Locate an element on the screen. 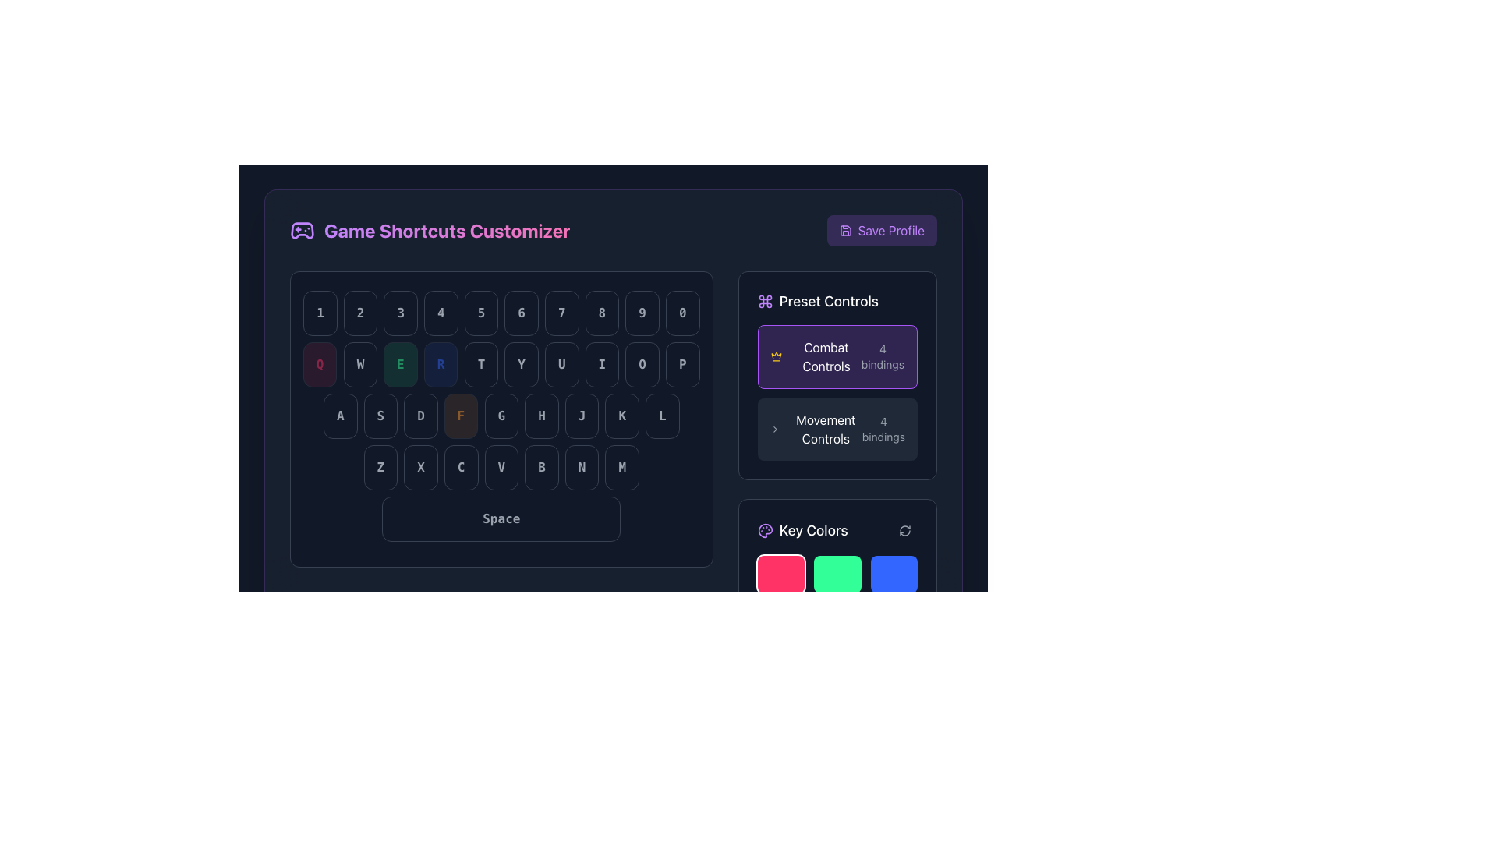 Image resolution: width=1497 pixels, height=842 pixels. the second button labeled 'S' which is styled with a dark background and light-colored text, located near the center of the keyboard layout is located at coordinates (380, 415).